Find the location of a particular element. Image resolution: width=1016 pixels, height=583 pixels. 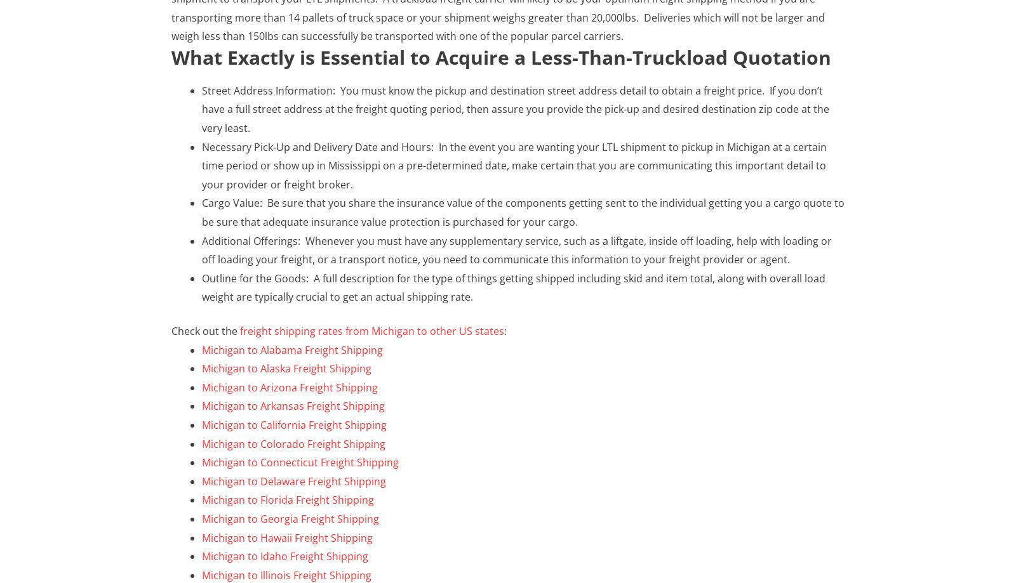

'Check out the' is located at coordinates (171, 330).